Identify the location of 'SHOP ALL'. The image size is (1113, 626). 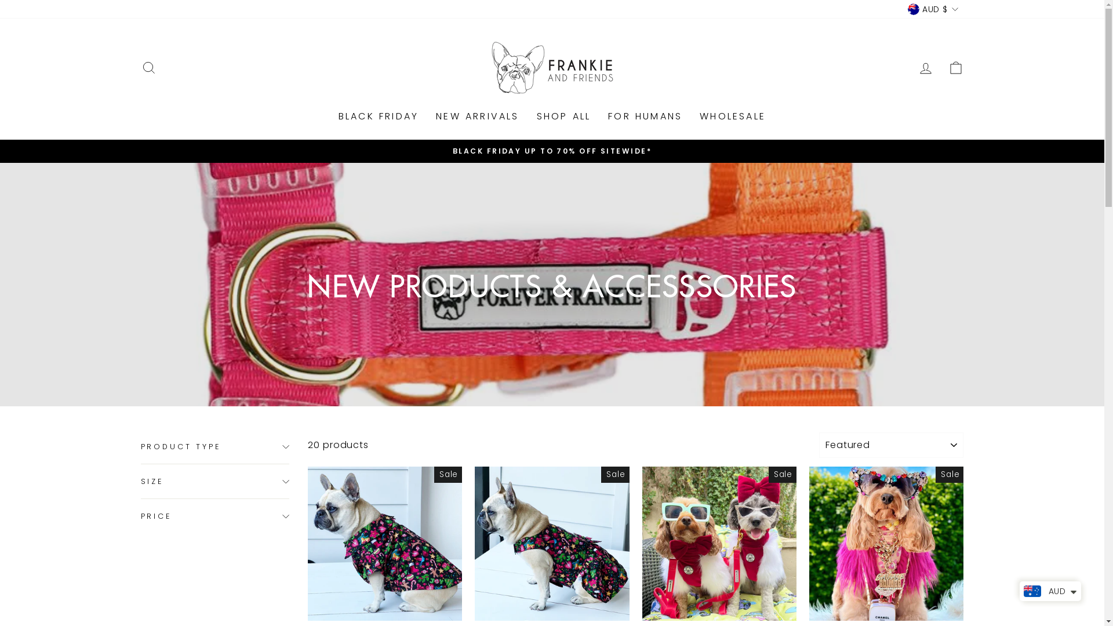
(564, 117).